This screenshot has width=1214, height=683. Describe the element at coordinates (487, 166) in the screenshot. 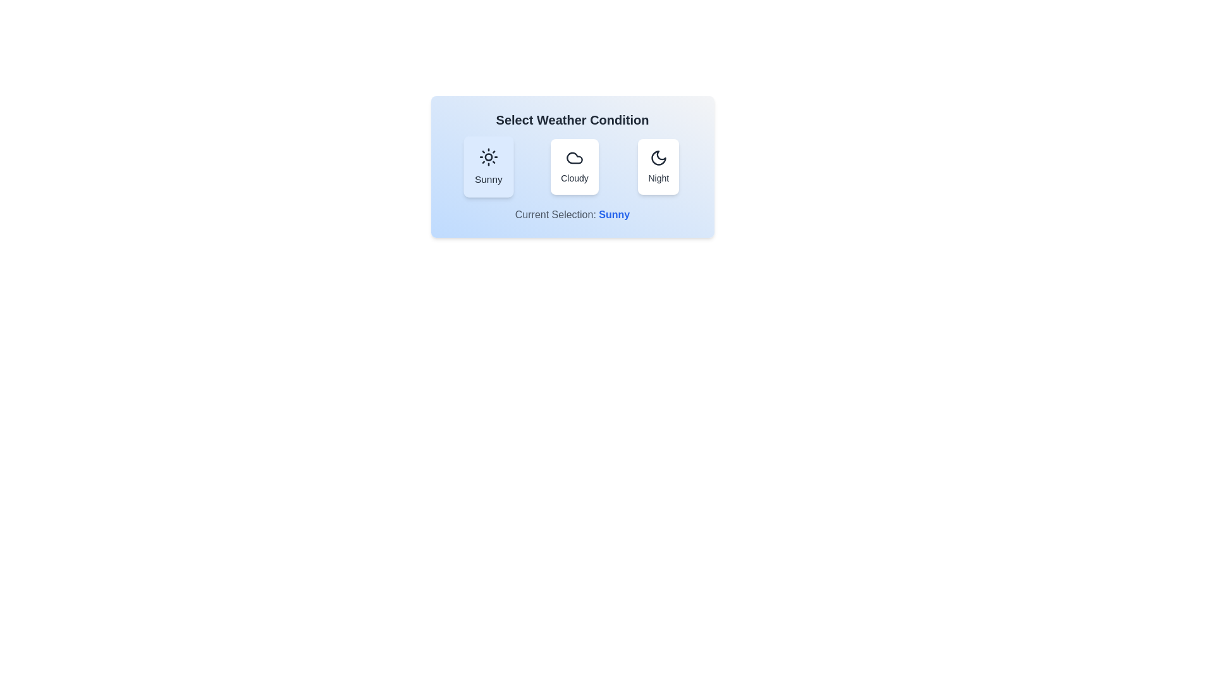

I see `the weather condition Sunny by clicking the corresponding button` at that location.